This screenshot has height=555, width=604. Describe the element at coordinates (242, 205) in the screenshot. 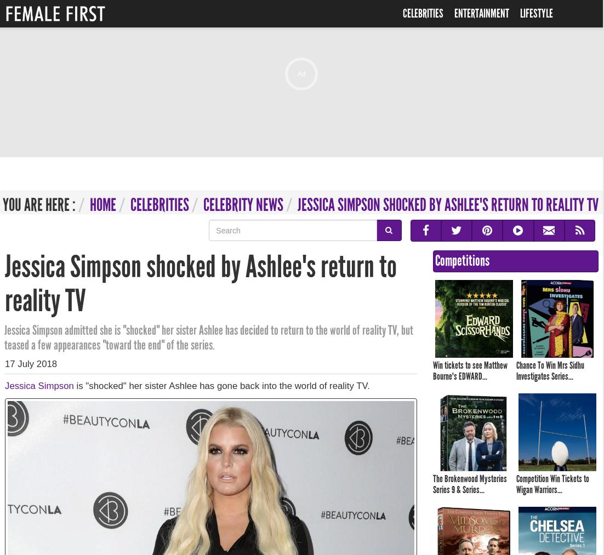

I see `'Celebrity News'` at that location.